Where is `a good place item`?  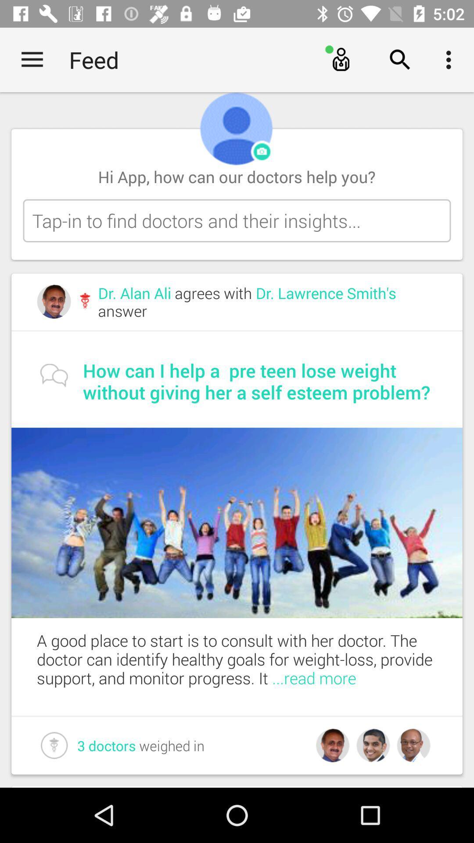
a good place item is located at coordinates (249, 659).